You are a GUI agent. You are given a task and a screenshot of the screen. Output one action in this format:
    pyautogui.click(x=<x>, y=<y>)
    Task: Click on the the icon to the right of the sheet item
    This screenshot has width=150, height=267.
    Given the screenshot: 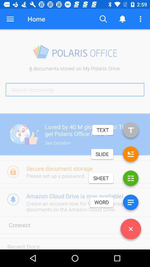 What is the action you would take?
    pyautogui.click(x=131, y=179)
    